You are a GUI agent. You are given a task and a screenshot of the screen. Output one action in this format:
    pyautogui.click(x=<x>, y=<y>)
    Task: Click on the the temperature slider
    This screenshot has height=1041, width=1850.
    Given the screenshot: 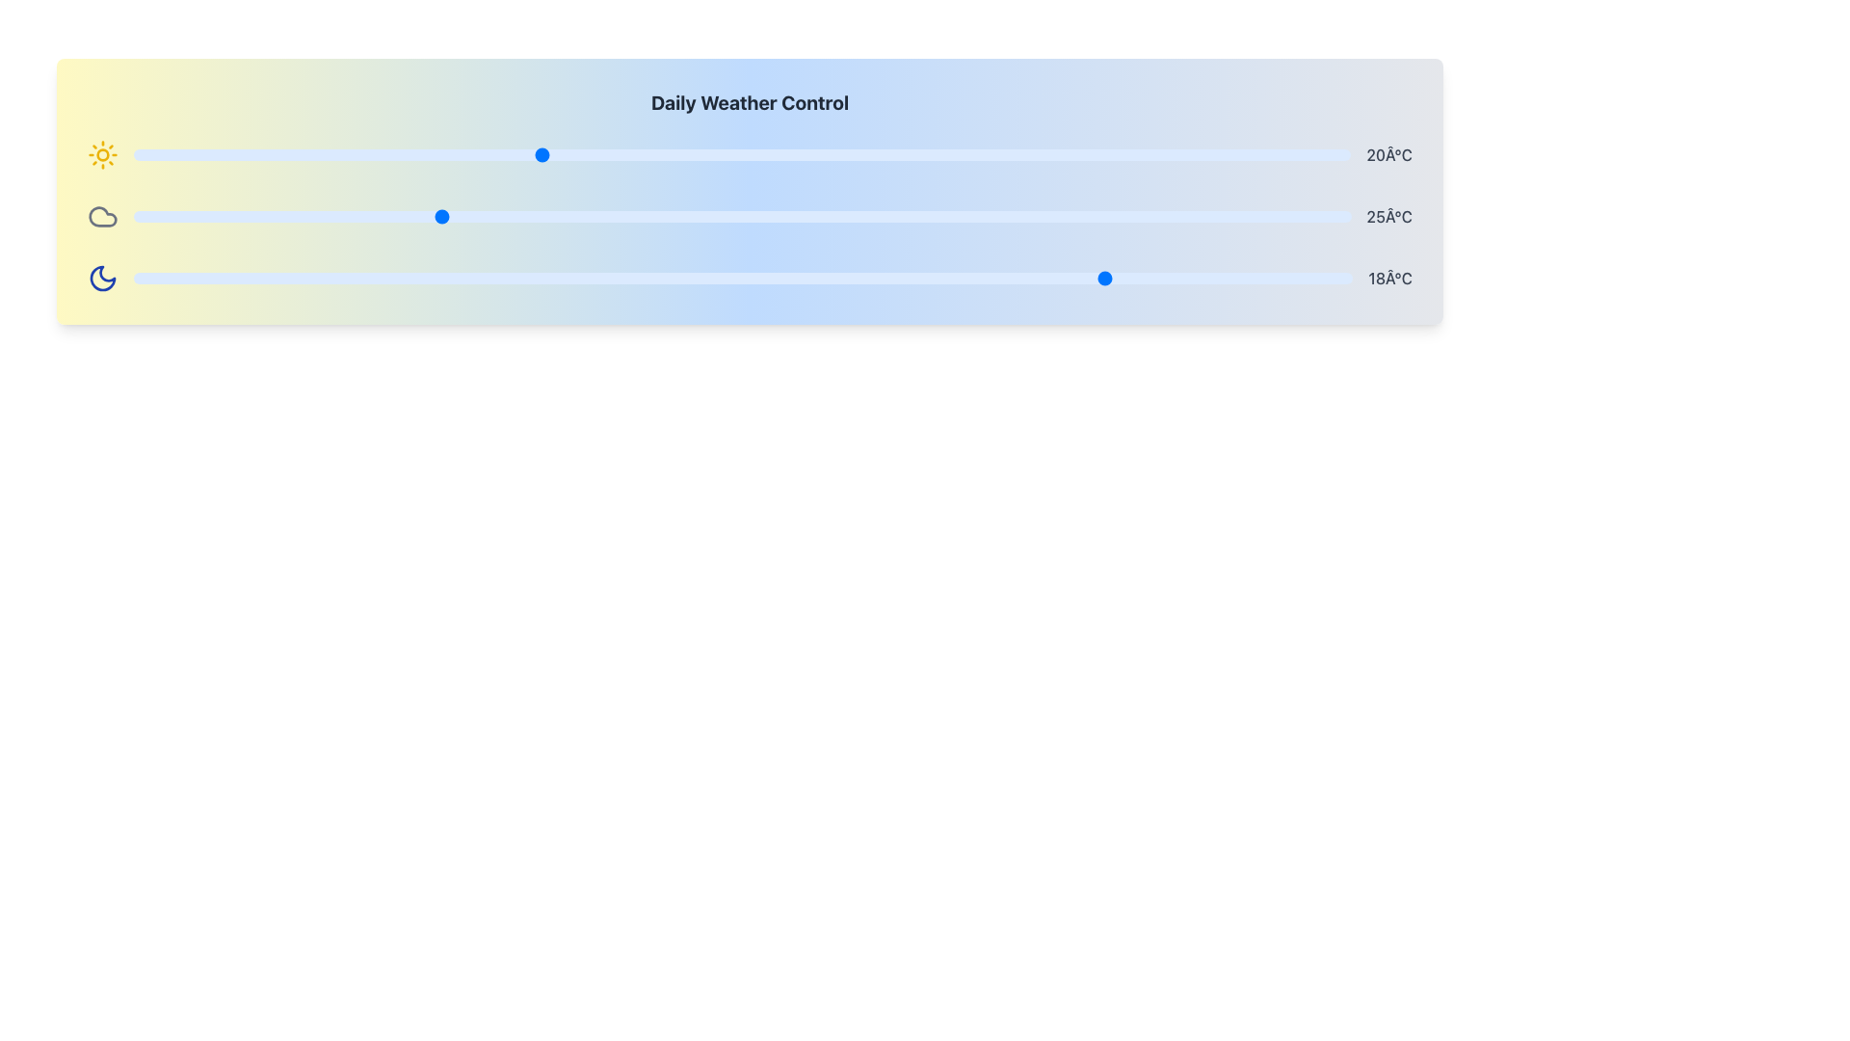 What is the action you would take?
    pyautogui.click(x=742, y=279)
    